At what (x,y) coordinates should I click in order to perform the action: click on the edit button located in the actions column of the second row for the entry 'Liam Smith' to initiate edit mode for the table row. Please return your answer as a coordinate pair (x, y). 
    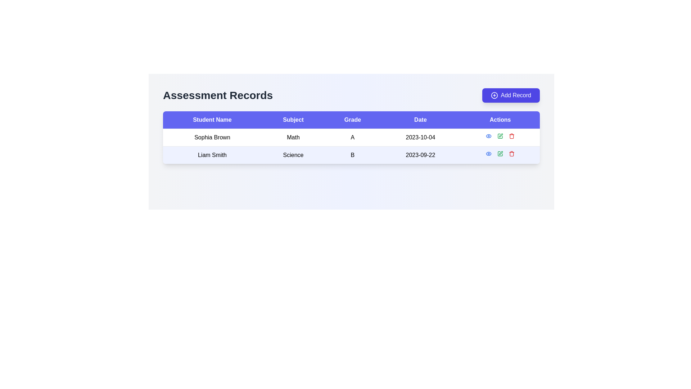
    Looking at the image, I should click on (501, 152).